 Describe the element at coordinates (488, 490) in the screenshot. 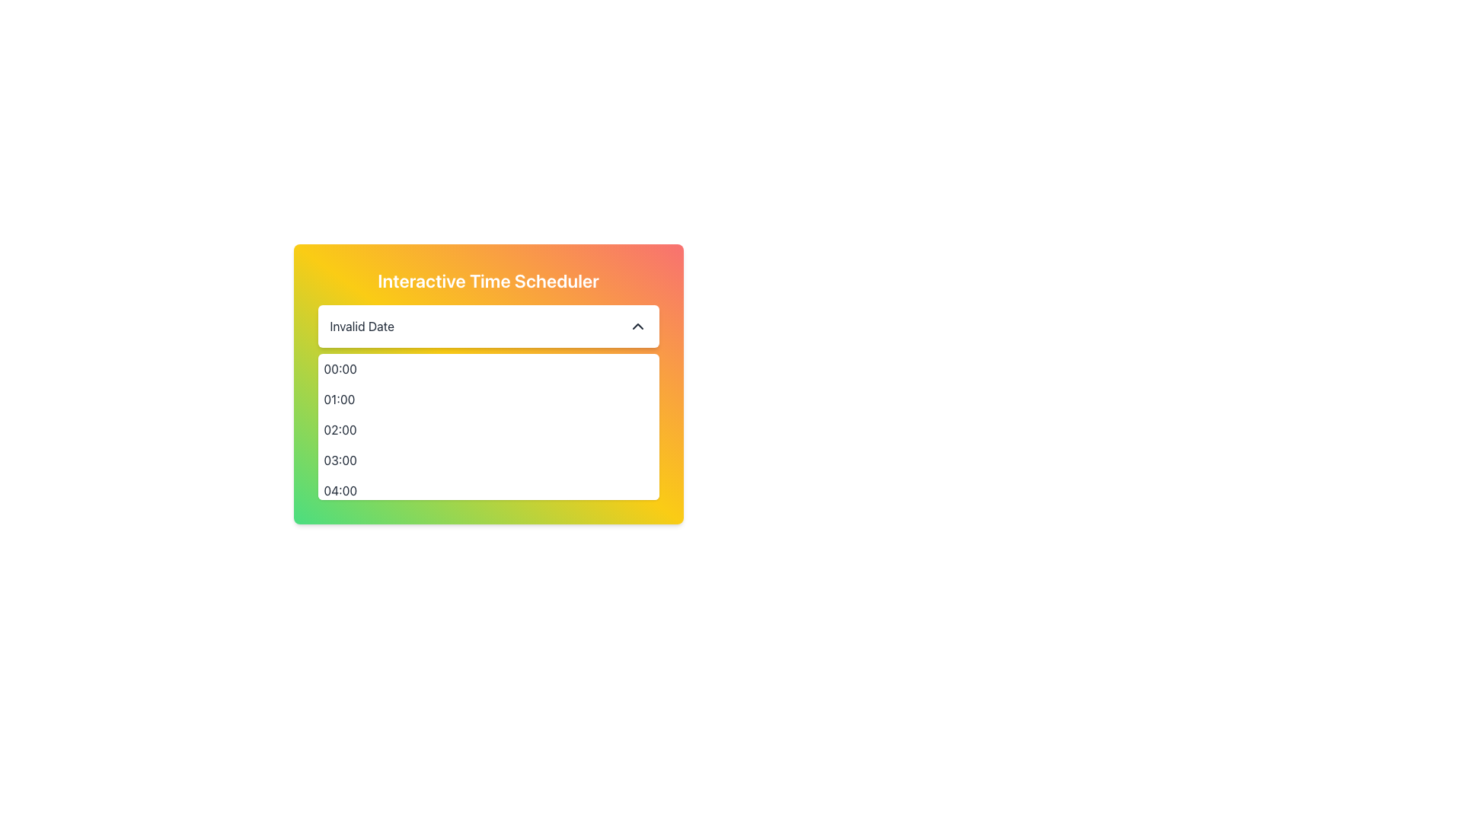

I see `to select the time option '04:00' from the dropdown menu, which is the fifth item in the list and visually aligned with other time options` at that location.